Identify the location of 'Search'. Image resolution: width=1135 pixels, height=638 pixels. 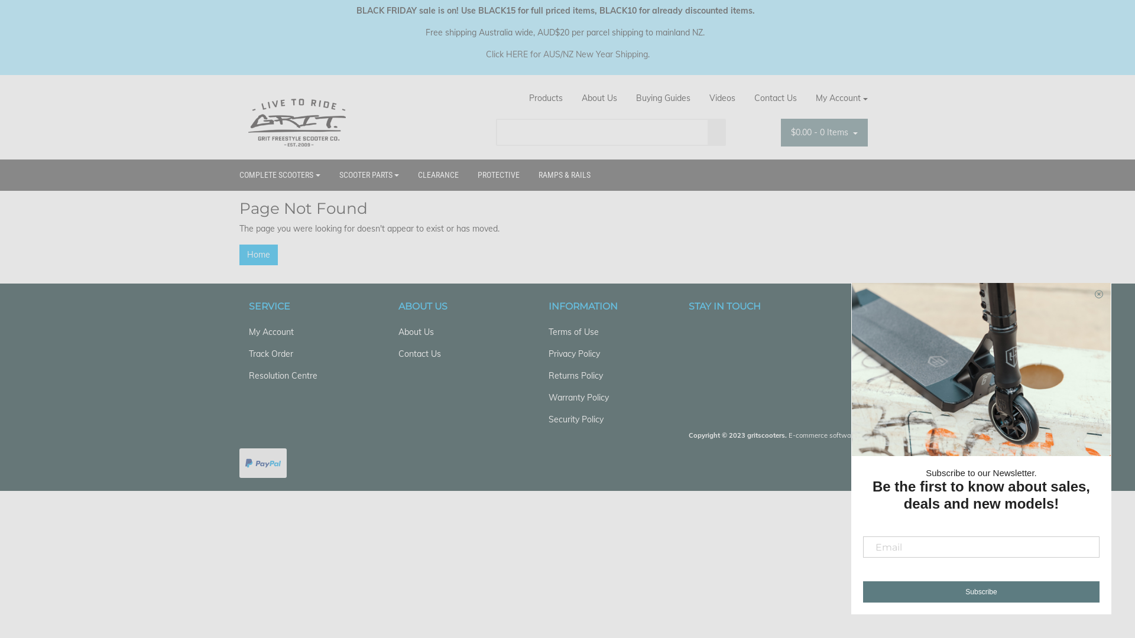
(716, 132).